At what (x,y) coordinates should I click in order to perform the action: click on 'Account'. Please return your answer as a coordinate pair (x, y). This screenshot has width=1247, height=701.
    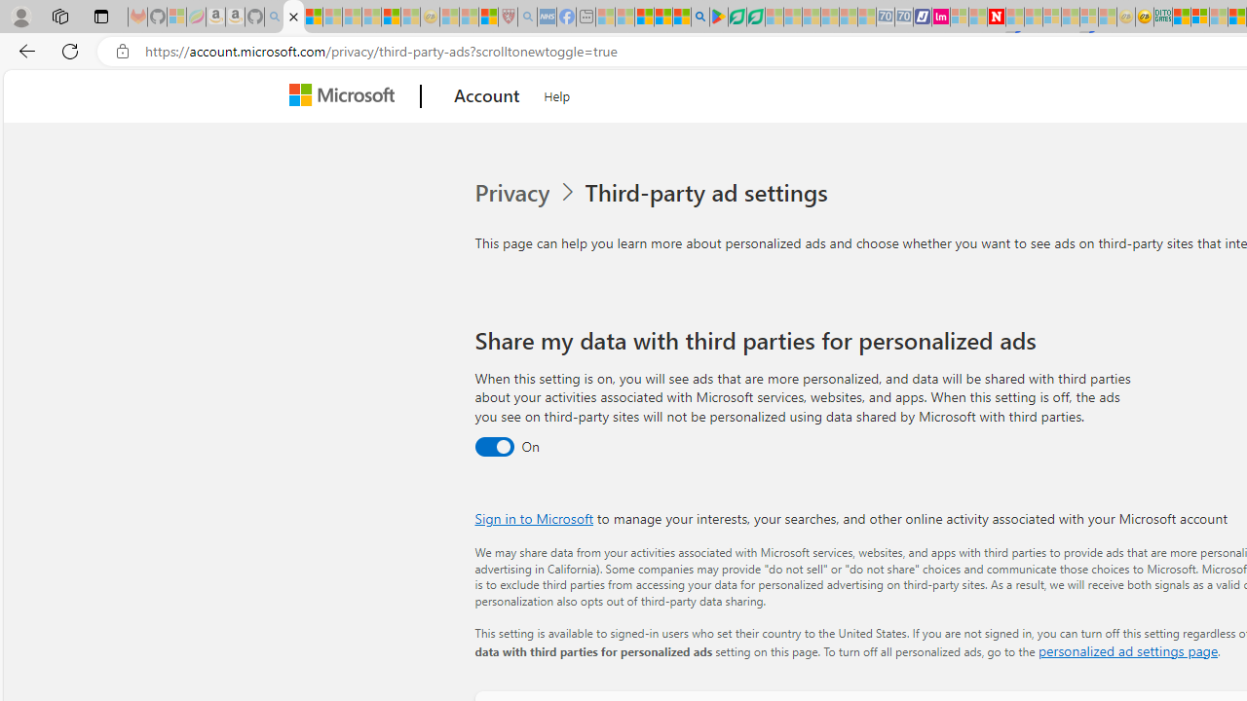
    Looking at the image, I should click on (486, 96).